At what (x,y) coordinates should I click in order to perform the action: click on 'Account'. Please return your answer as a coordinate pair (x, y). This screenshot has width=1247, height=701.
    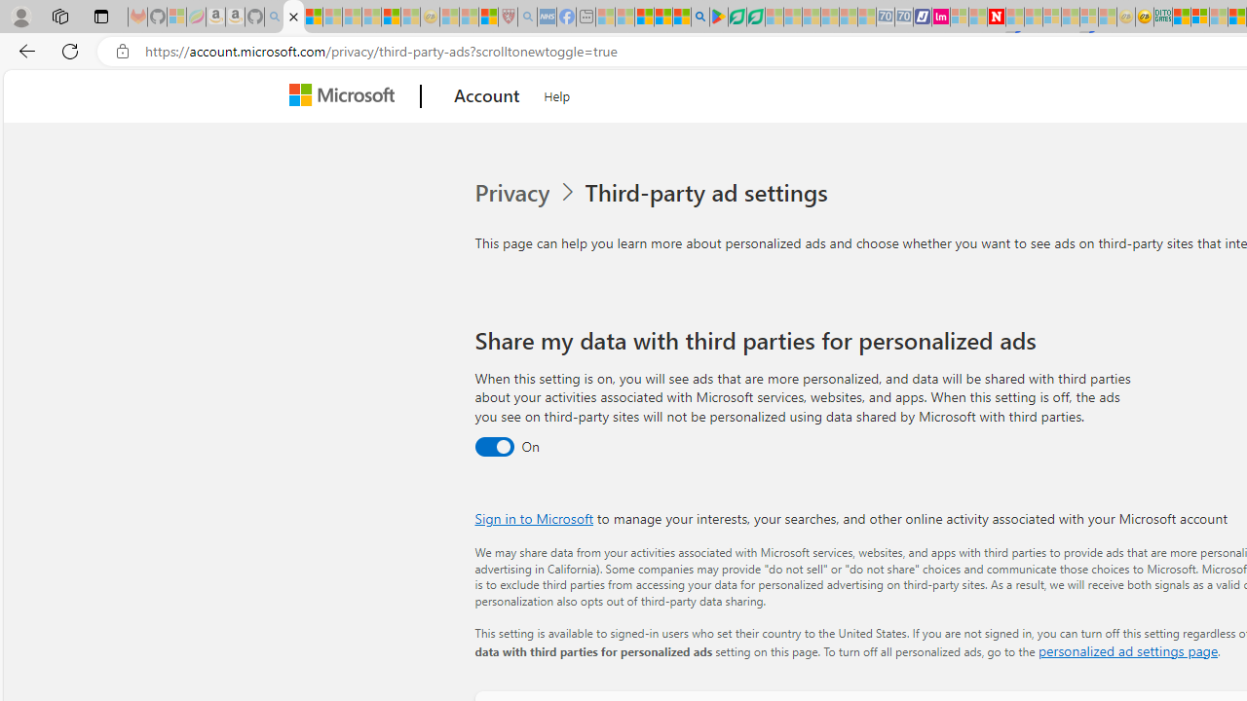
    Looking at the image, I should click on (486, 96).